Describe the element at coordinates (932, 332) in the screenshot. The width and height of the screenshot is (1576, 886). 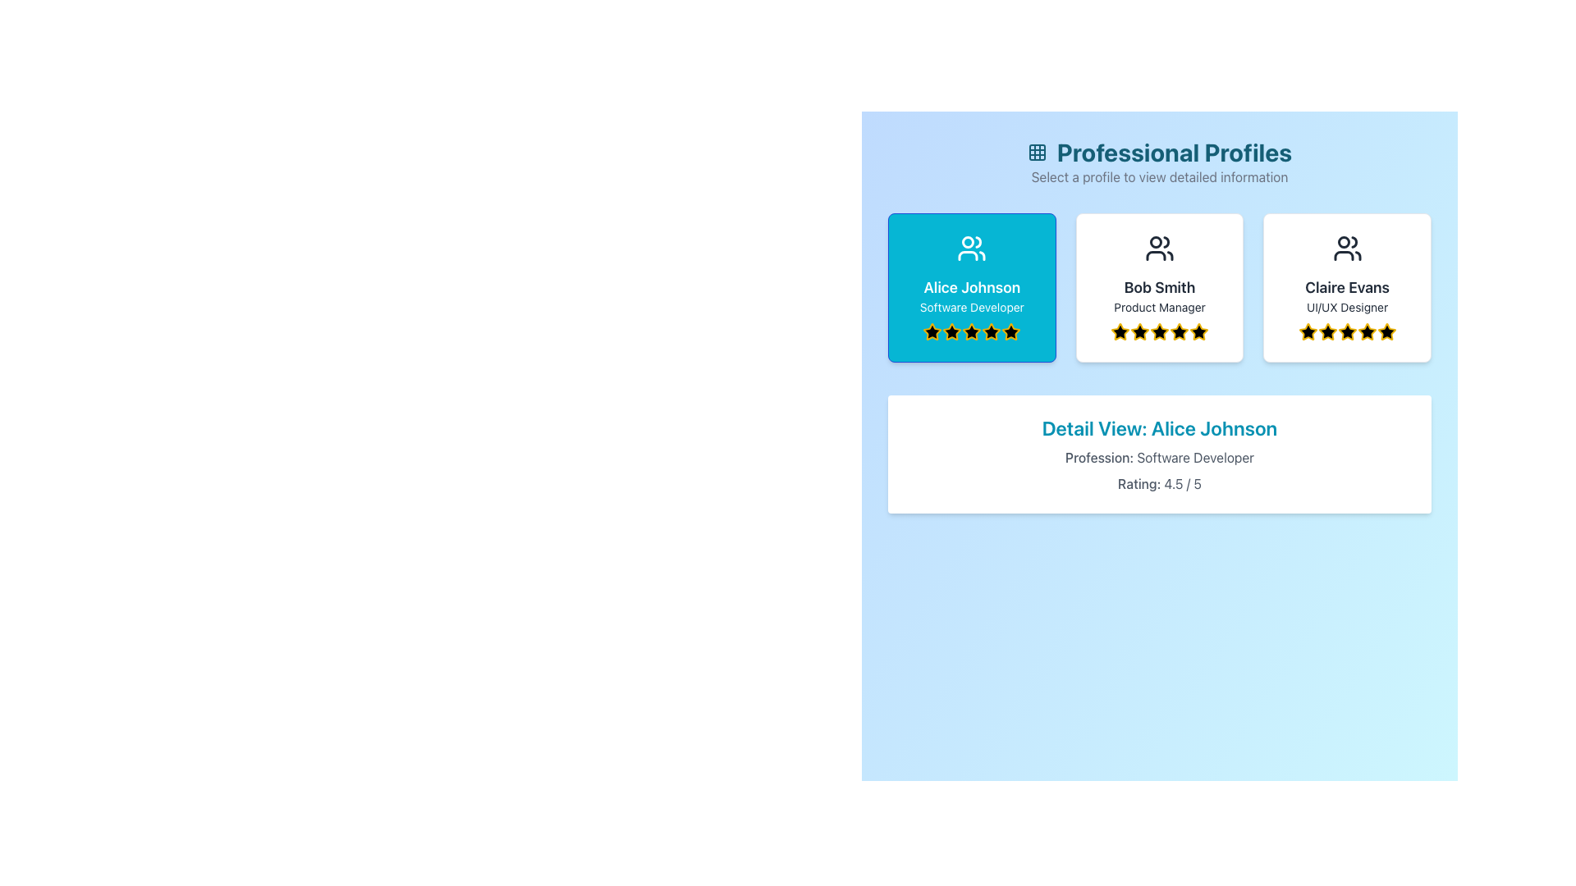
I see `the first star icon in the rating system beneath the profile of Alice Johnson, a Software Developer` at that location.